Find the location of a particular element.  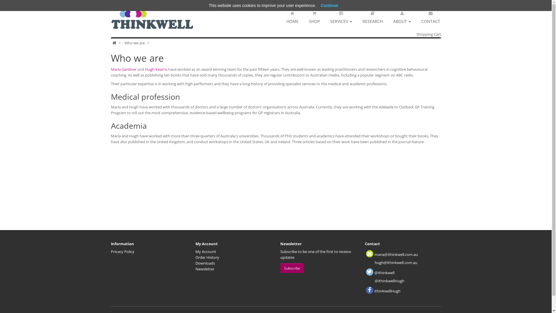

'ABOUT' is located at coordinates (402, 15).